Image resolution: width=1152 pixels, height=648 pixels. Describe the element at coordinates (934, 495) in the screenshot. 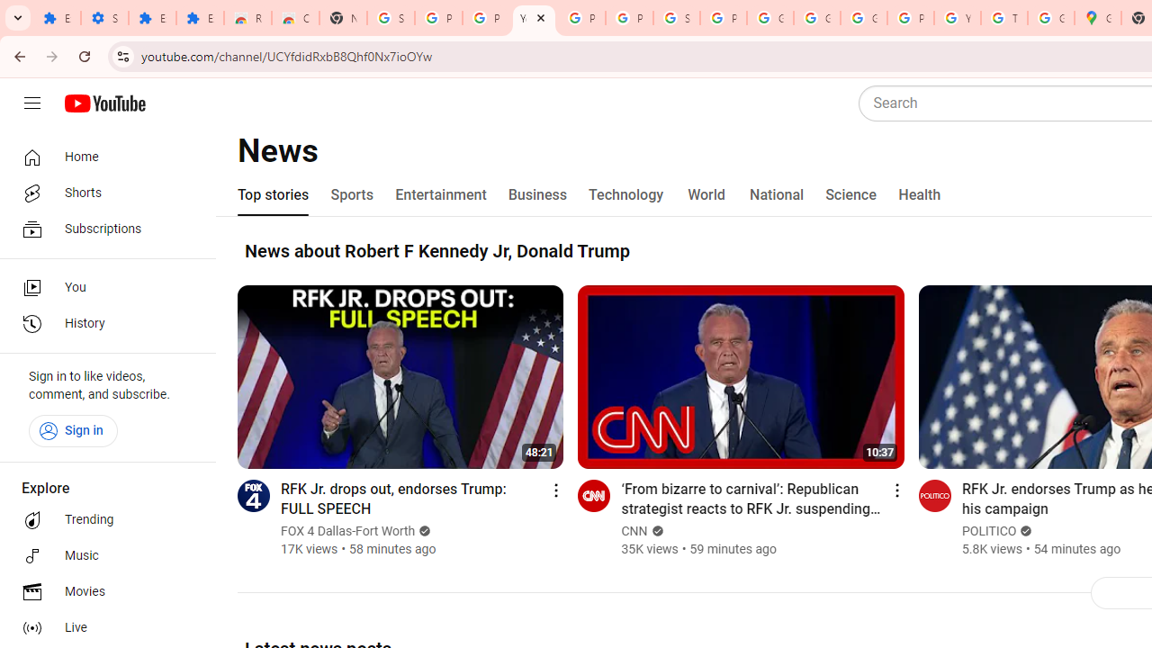

I see `'Go to channel'` at that location.